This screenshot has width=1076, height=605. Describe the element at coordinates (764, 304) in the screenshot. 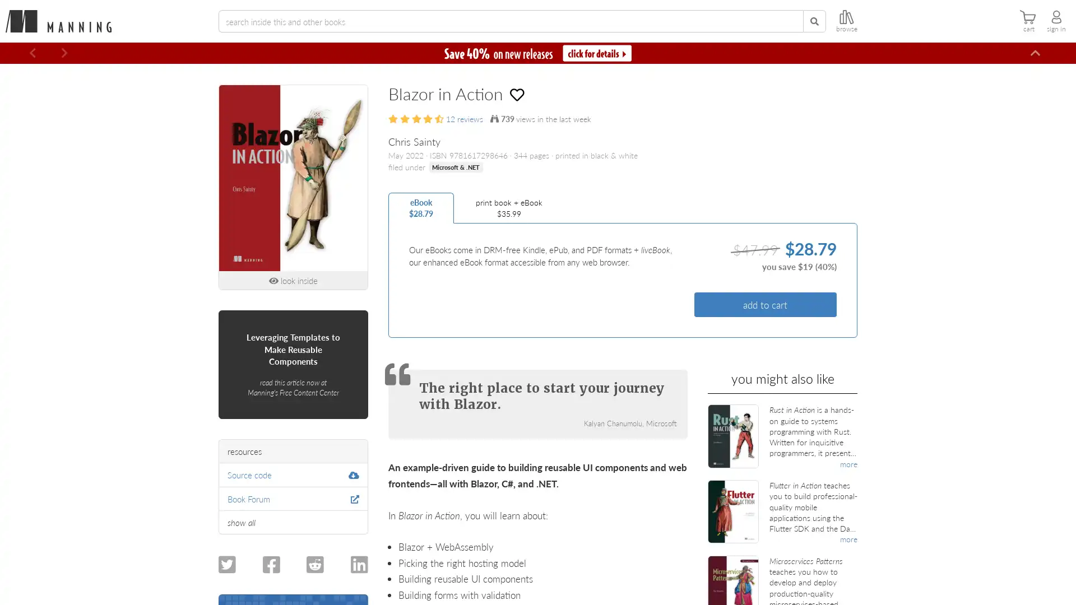

I see `add to cart` at that location.